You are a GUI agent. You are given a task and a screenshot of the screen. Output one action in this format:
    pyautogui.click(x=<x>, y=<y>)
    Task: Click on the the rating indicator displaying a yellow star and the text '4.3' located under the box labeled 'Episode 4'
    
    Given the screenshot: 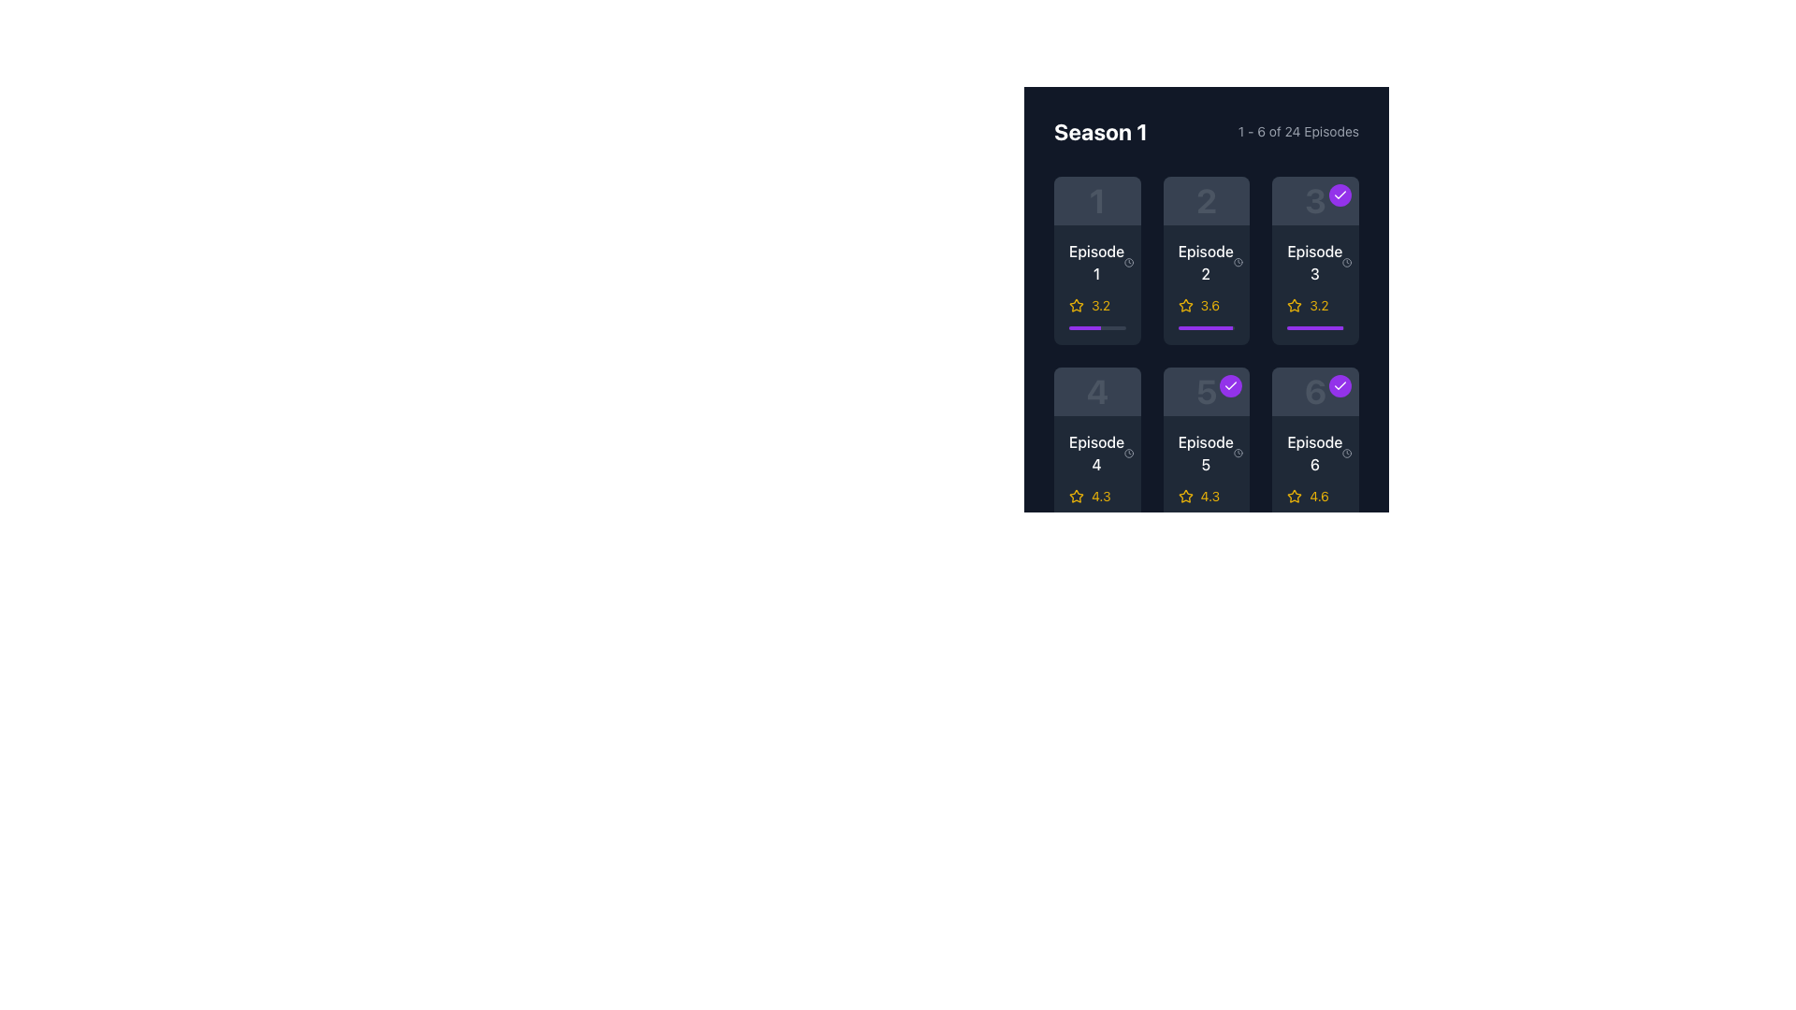 What is the action you would take?
    pyautogui.click(x=1097, y=496)
    